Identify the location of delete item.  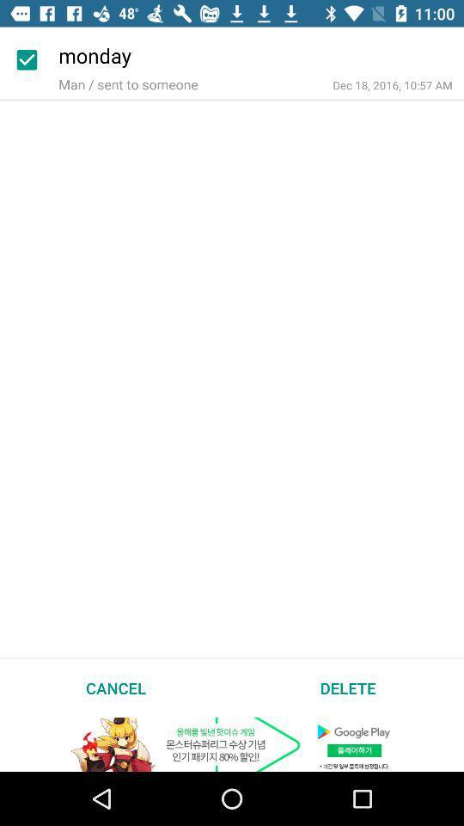
(348, 687).